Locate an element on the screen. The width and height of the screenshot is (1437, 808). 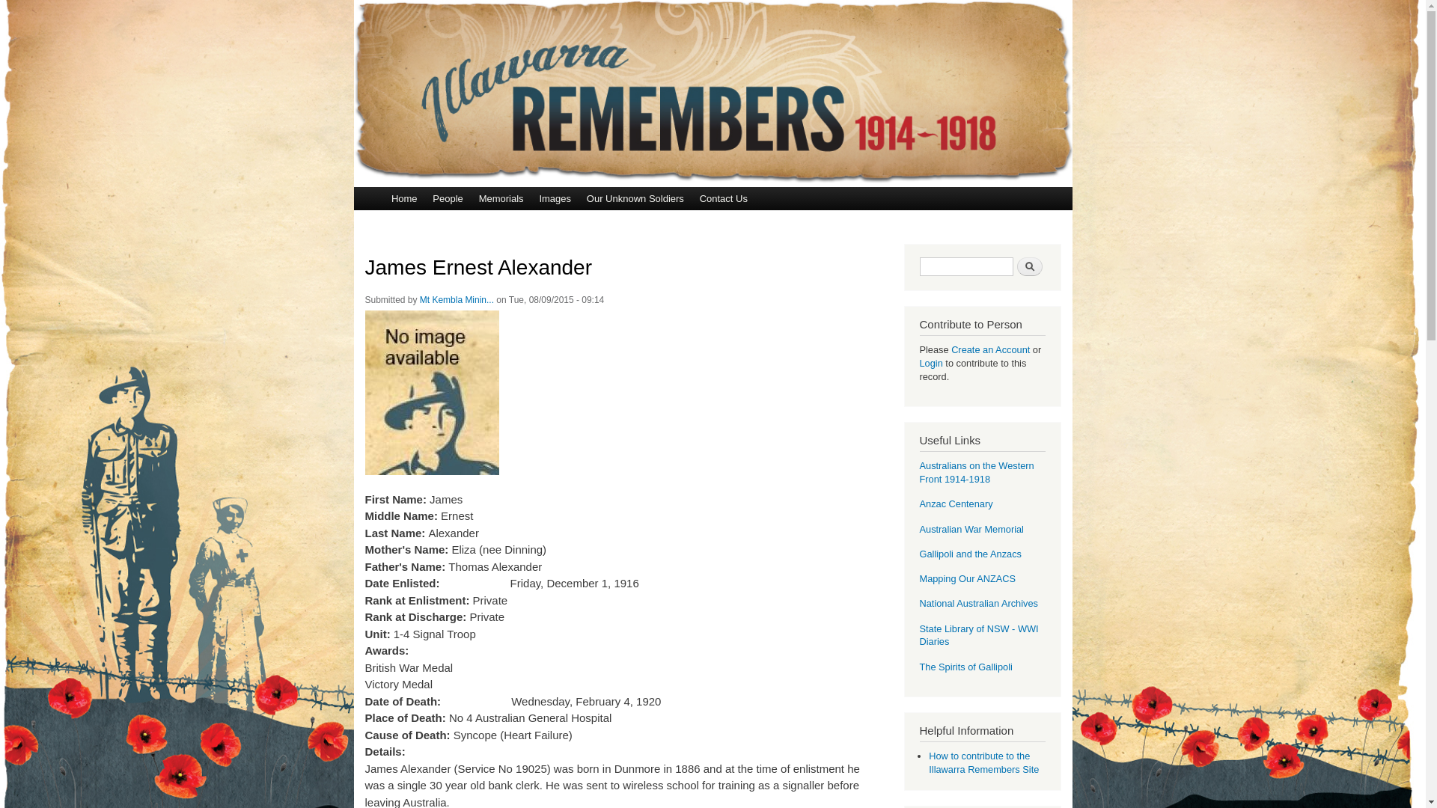
'National Australian Archives' is located at coordinates (977, 602).